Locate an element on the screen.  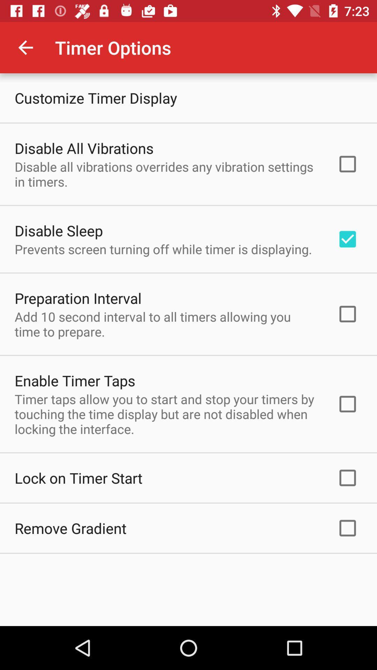
app next to timer options item is located at coordinates (25, 47).